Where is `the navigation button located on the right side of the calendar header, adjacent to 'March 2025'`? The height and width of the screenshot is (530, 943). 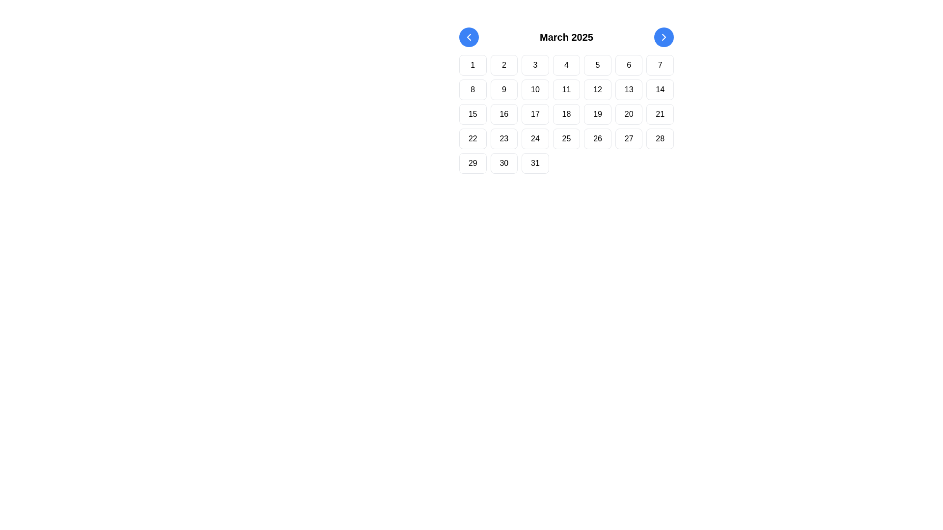
the navigation button located on the right side of the calendar header, adjacent to 'March 2025' is located at coordinates (664, 37).